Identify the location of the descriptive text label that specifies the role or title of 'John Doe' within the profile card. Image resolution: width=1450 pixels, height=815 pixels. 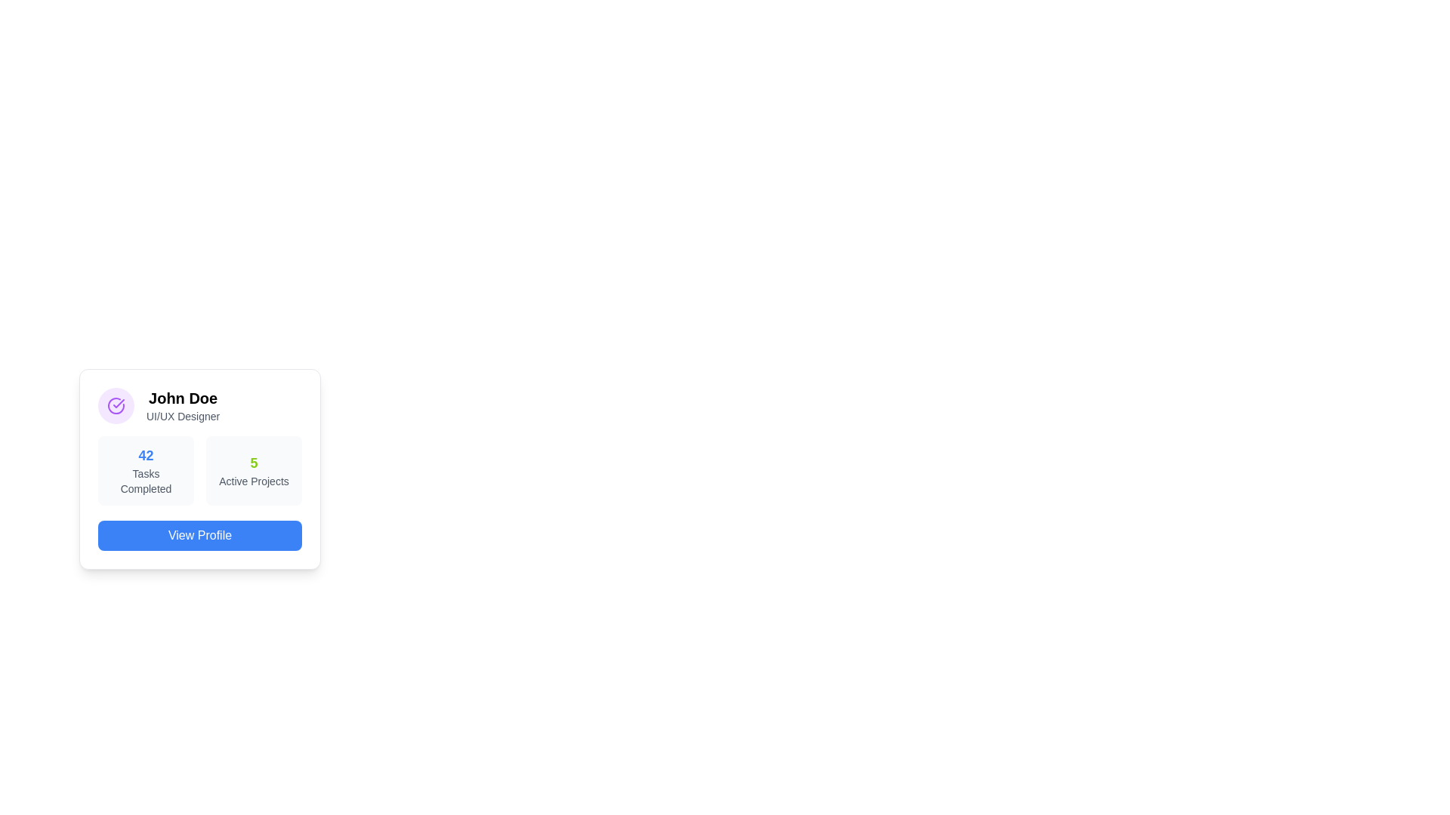
(182, 416).